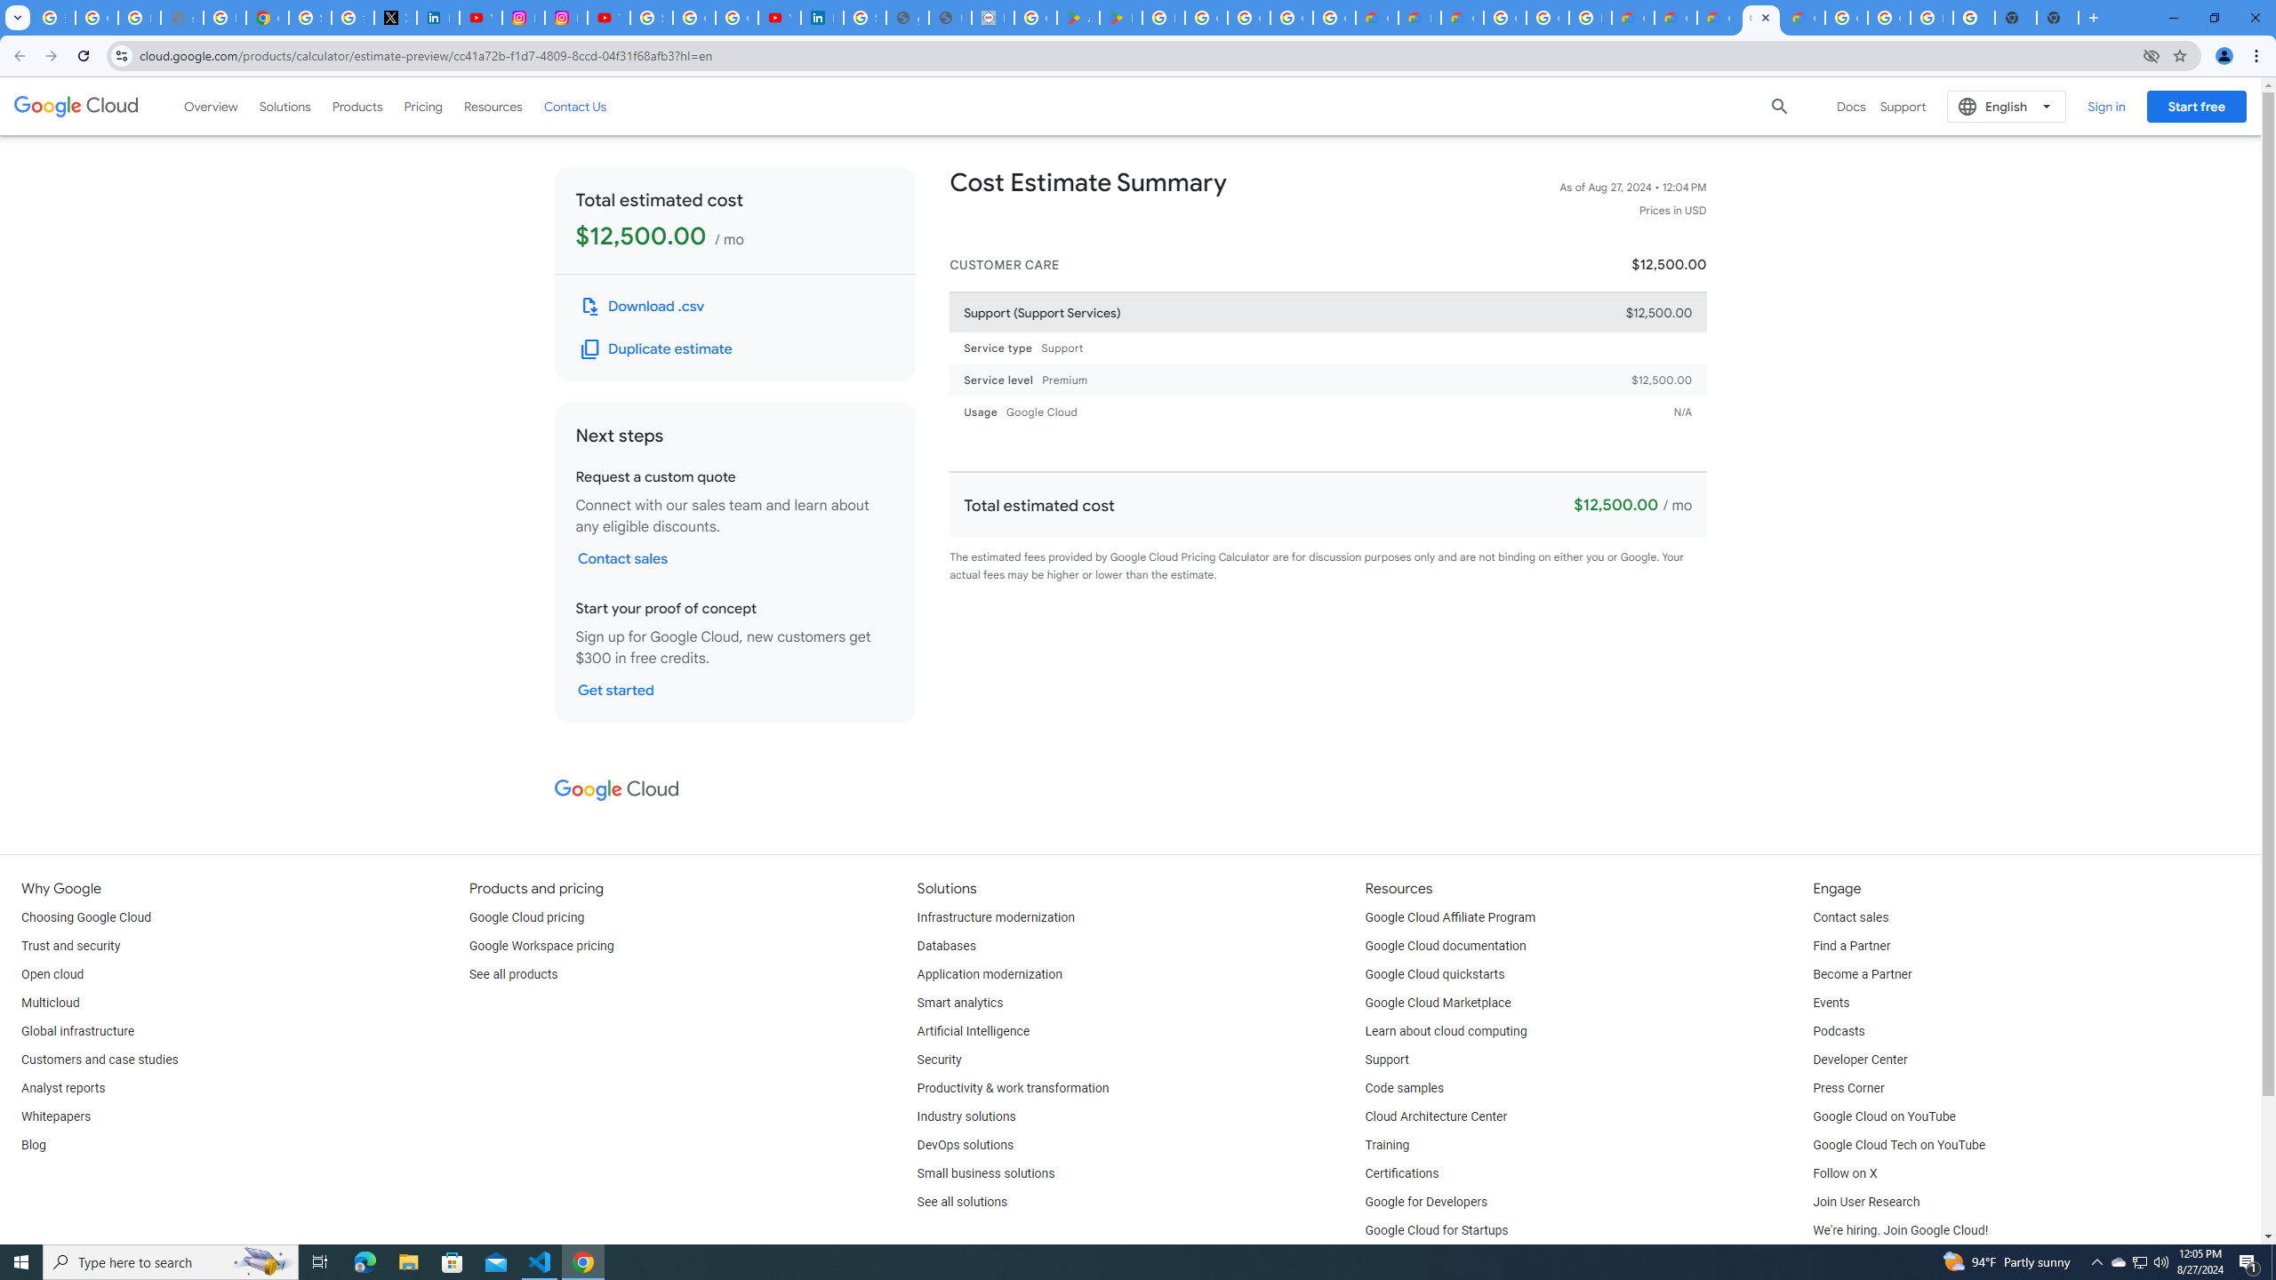 Image resolution: width=2276 pixels, height=1280 pixels. Describe the element at coordinates (69, 946) in the screenshot. I see `'Trust and security'` at that location.